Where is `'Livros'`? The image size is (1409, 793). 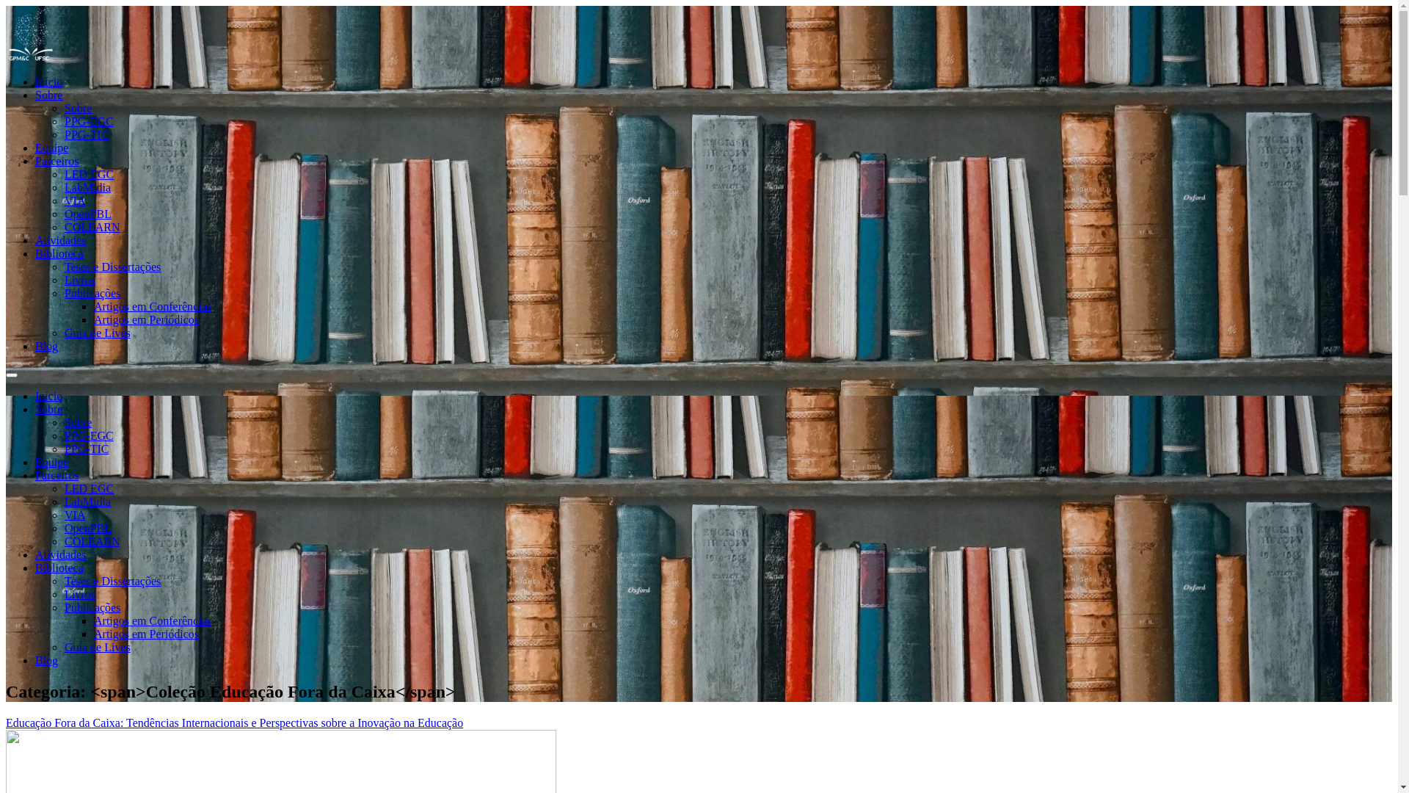
'Livros' is located at coordinates (79, 593).